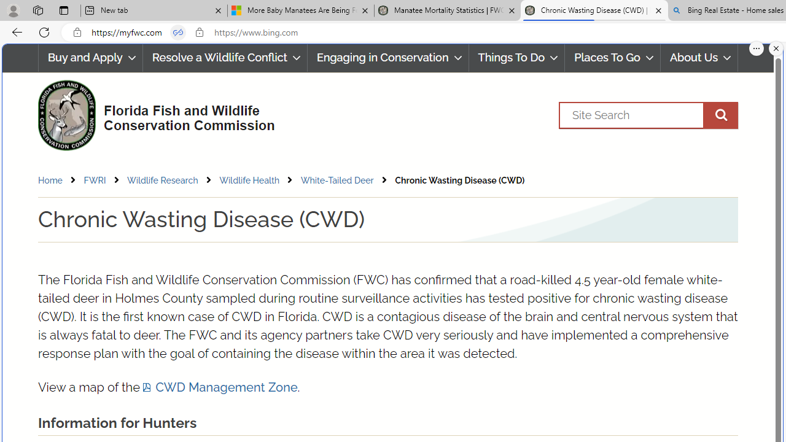  What do you see at coordinates (66, 115) in the screenshot?
I see `'FWC Logo'` at bounding box center [66, 115].